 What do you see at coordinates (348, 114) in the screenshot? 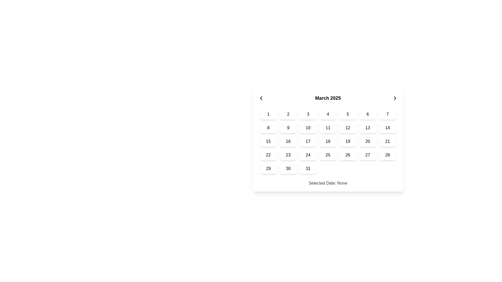
I see `the button that marks the specific date in the calendar grid, located in the fifth cell of the first row under 'March 2025'` at bounding box center [348, 114].